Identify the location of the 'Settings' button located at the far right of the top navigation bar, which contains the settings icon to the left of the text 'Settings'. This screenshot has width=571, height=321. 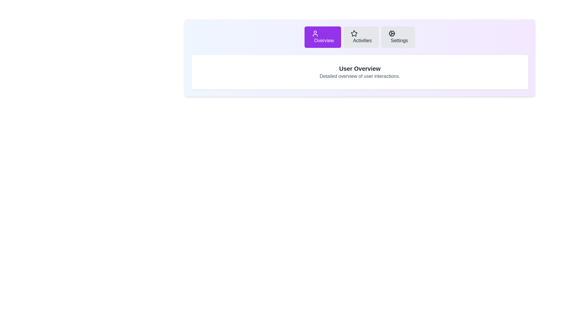
(392, 33).